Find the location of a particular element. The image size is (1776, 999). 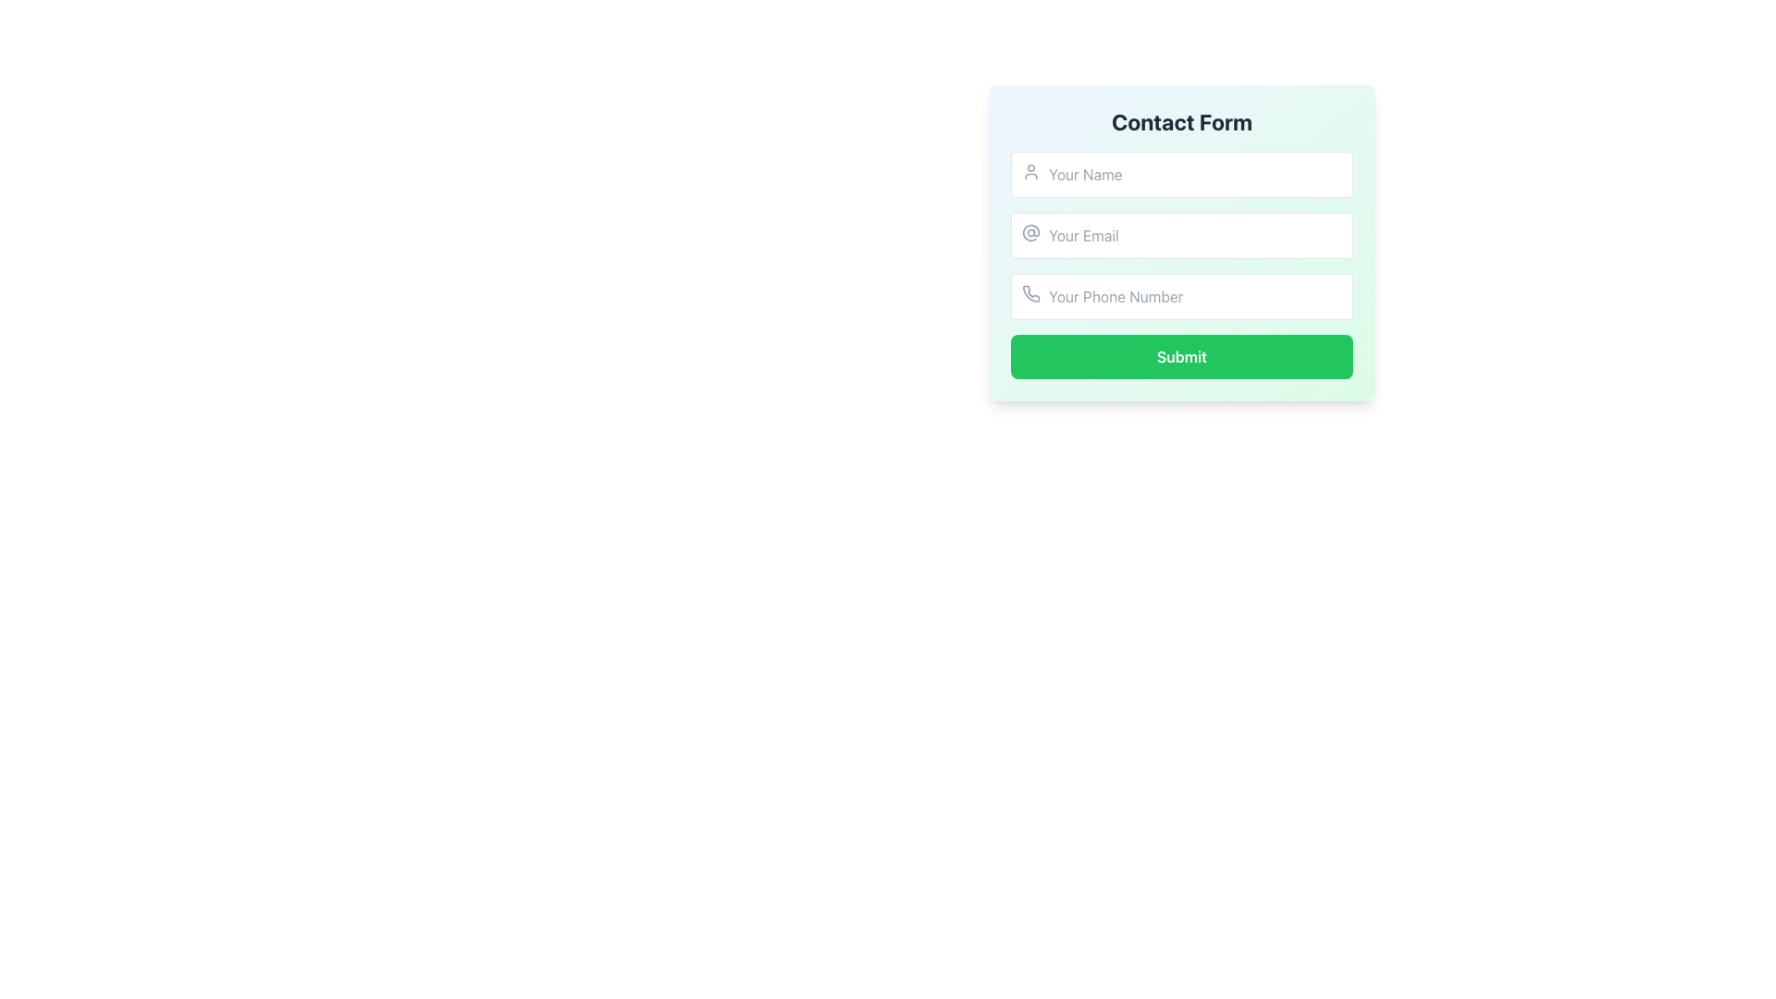

the input field labeled 'Your Email' by clicking on the '@' icon located to the left inside the field in the 'Contact Form' section is located at coordinates (1030, 231).